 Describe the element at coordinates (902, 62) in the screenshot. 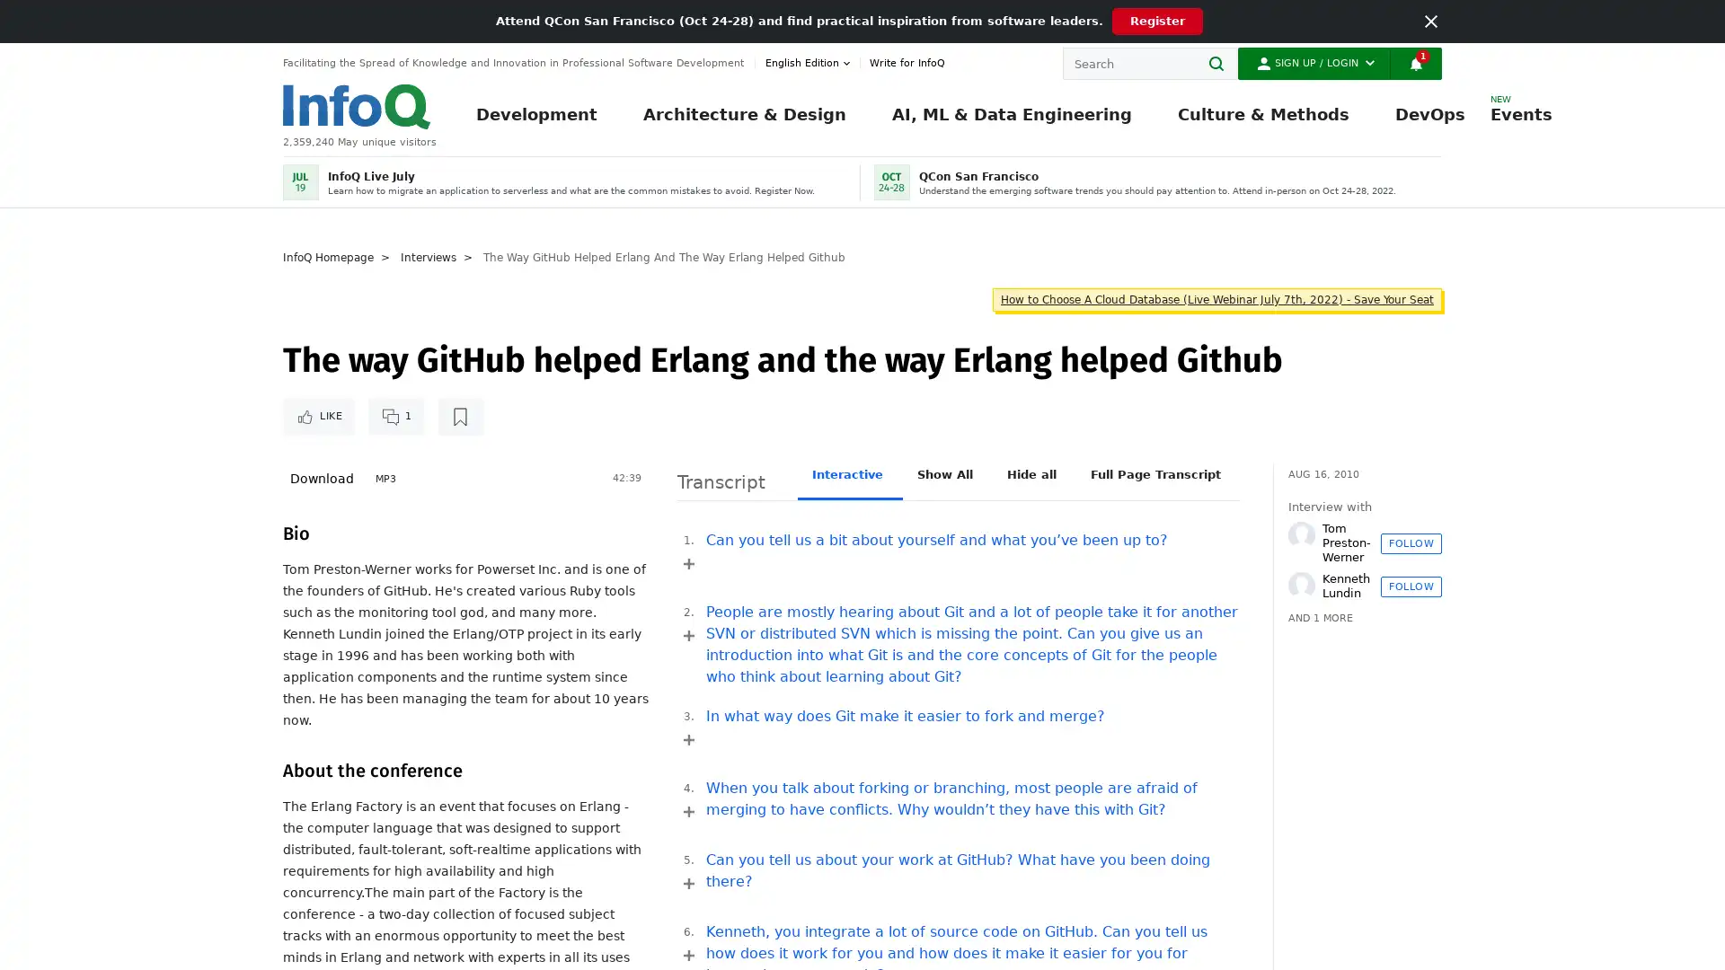

I see `Write for InfoQ` at that location.